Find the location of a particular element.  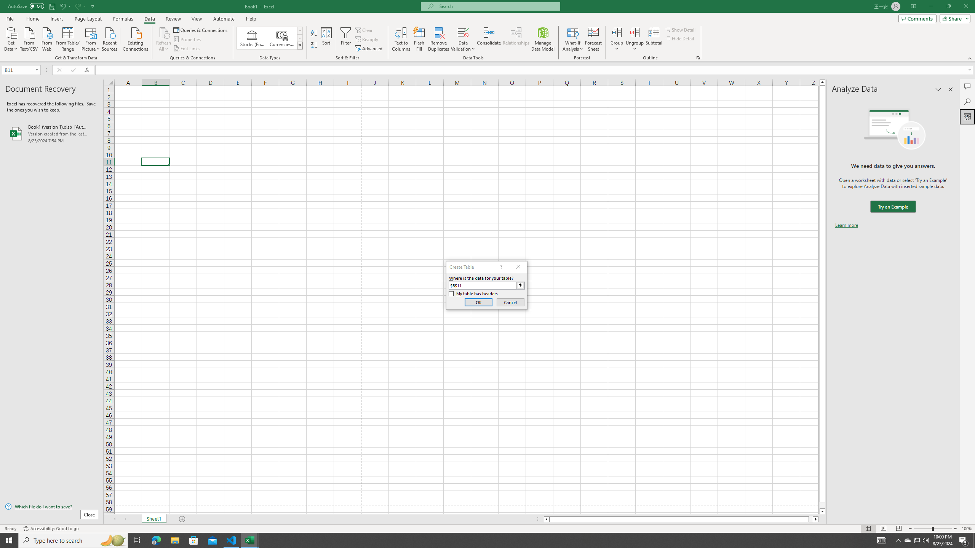

'Refresh All' is located at coordinates (163, 39).